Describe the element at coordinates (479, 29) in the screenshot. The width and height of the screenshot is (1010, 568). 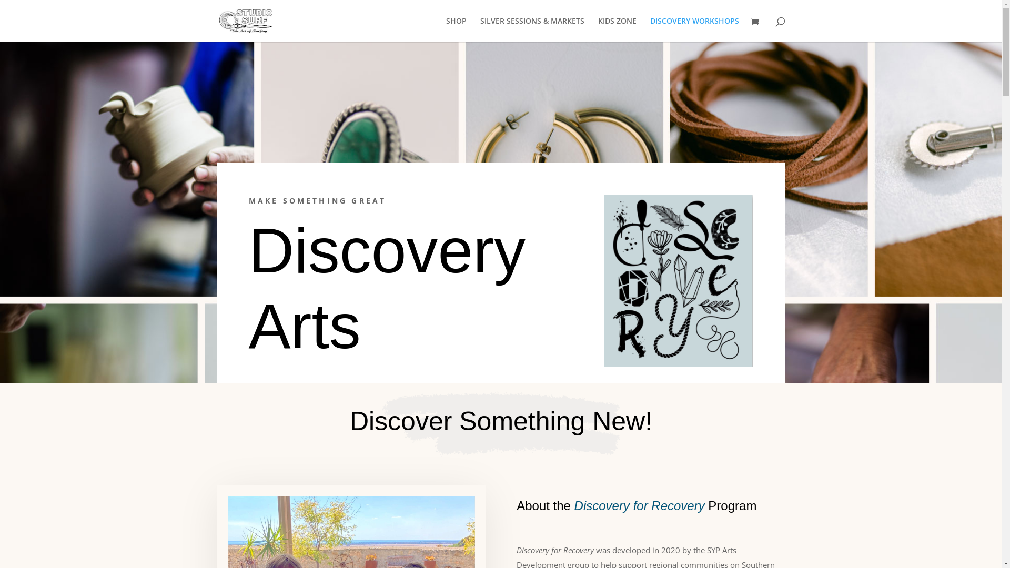
I see `'SILVER SESSIONS & MARKETS'` at that location.